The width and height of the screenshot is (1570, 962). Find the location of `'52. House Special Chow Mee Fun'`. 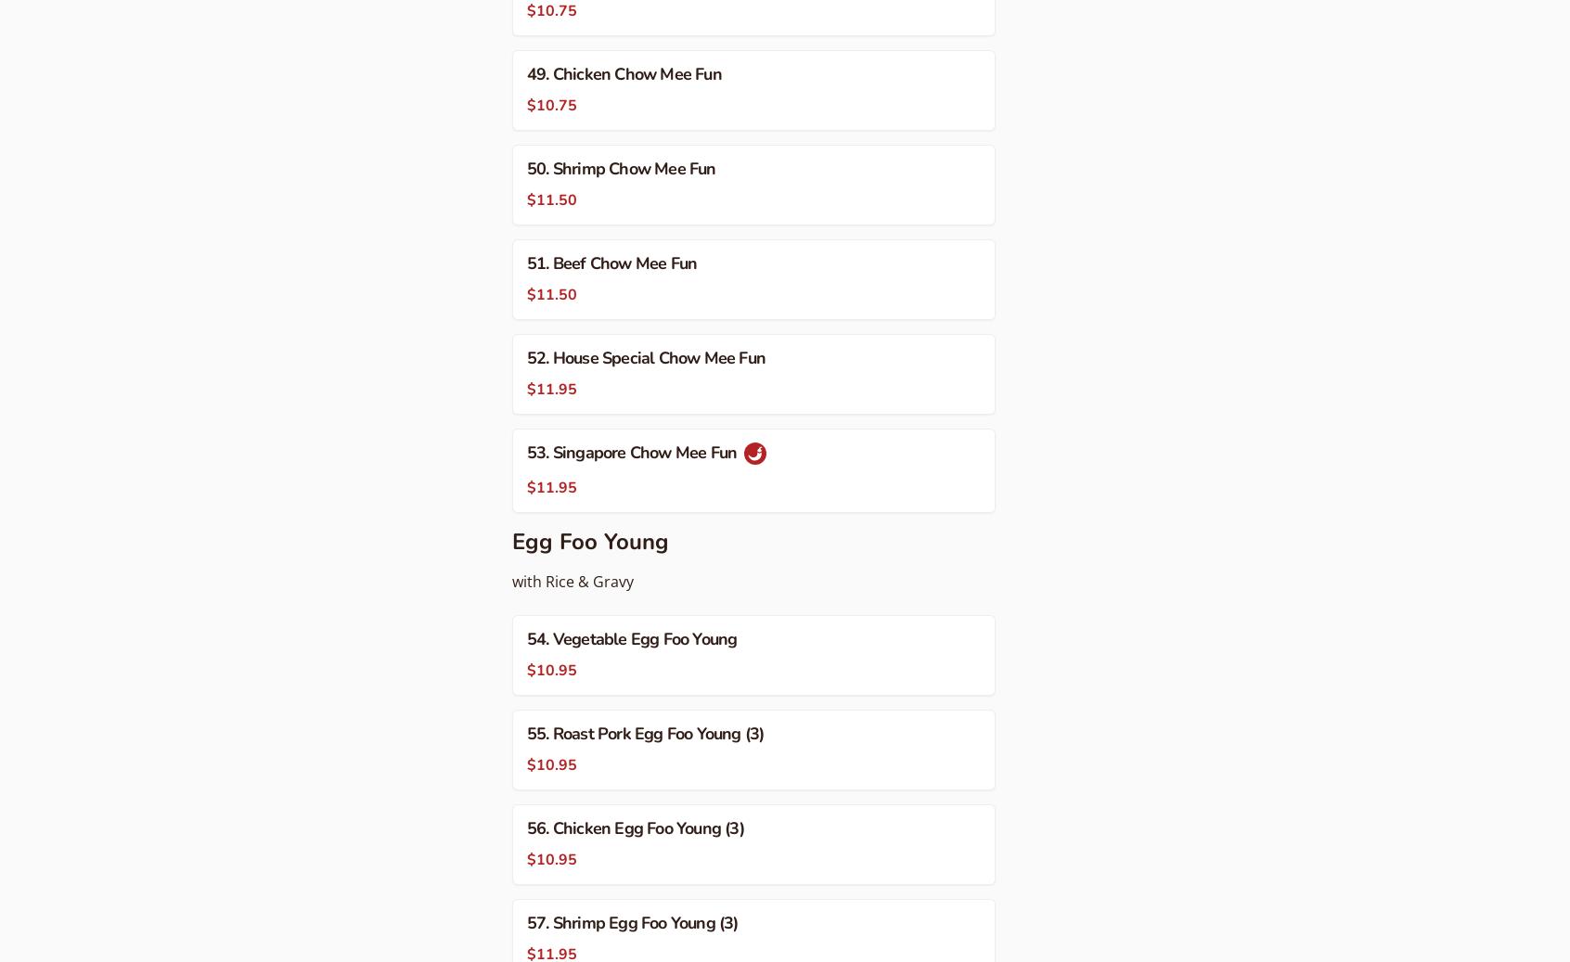

'52. House Special Chow Mee Fun' is located at coordinates (646, 356).